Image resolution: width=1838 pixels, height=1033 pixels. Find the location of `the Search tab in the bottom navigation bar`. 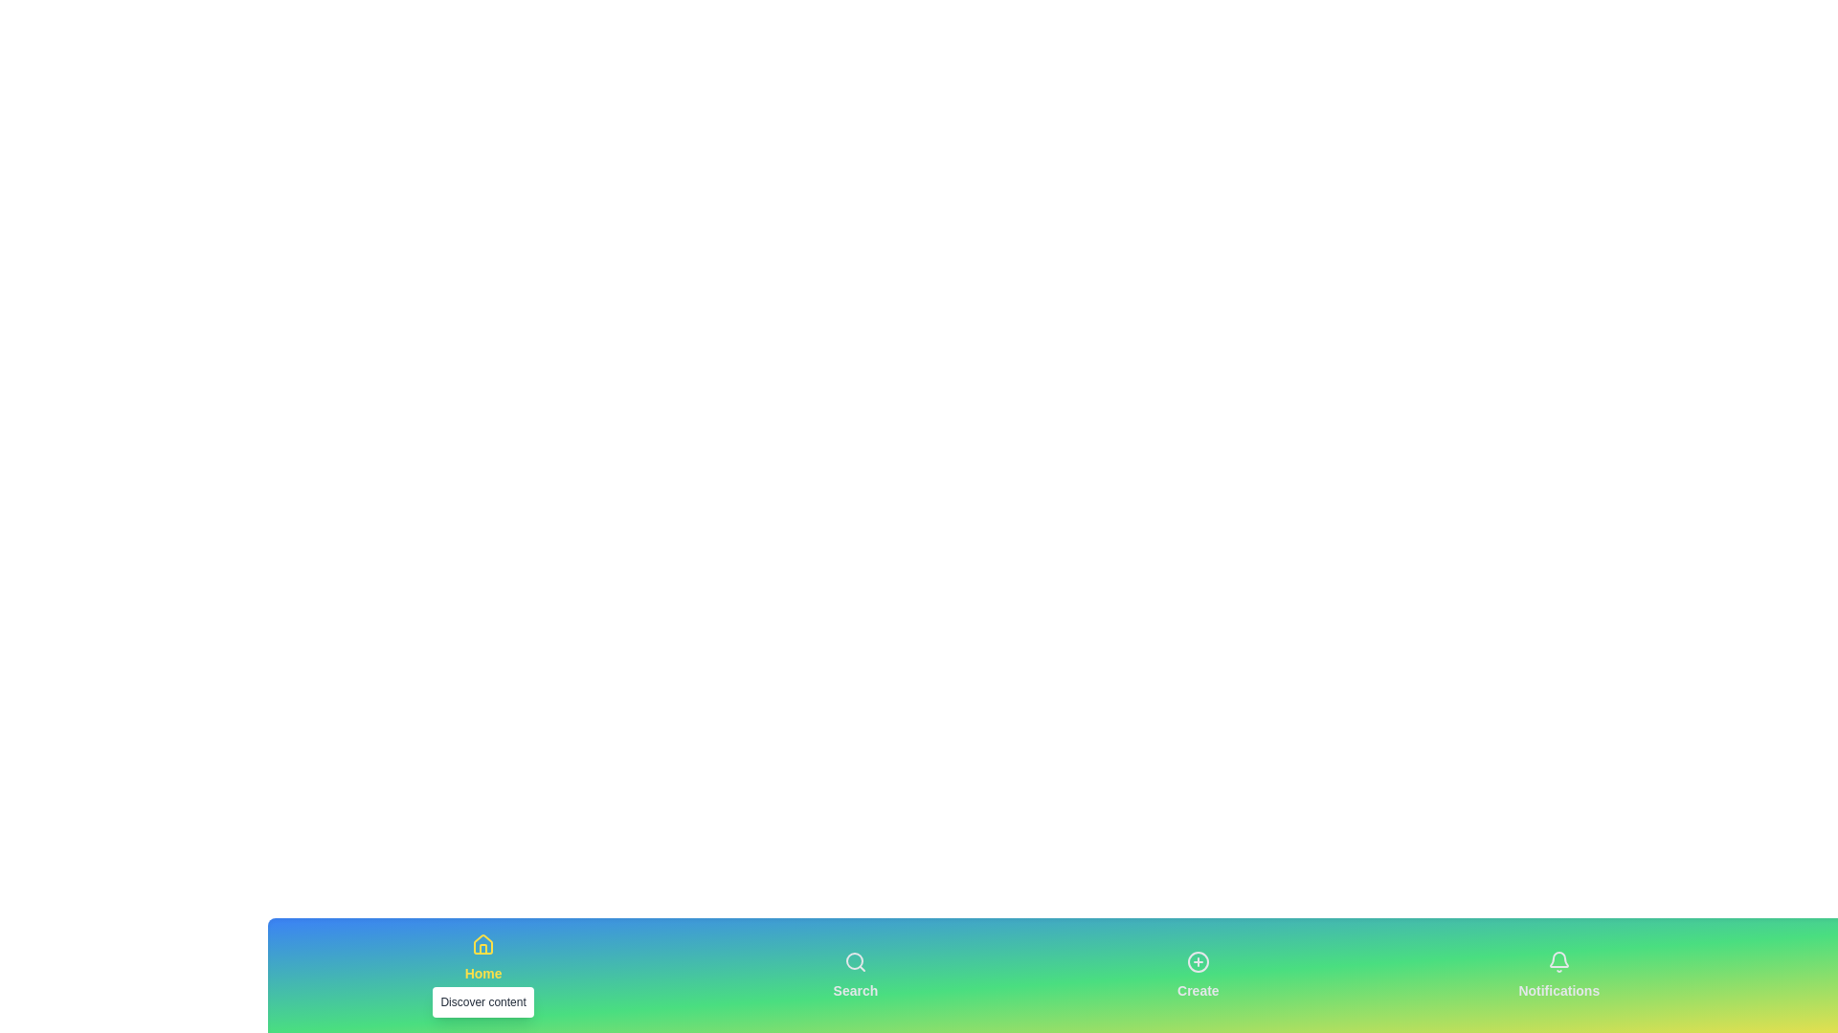

the Search tab in the bottom navigation bar is located at coordinates (853, 975).